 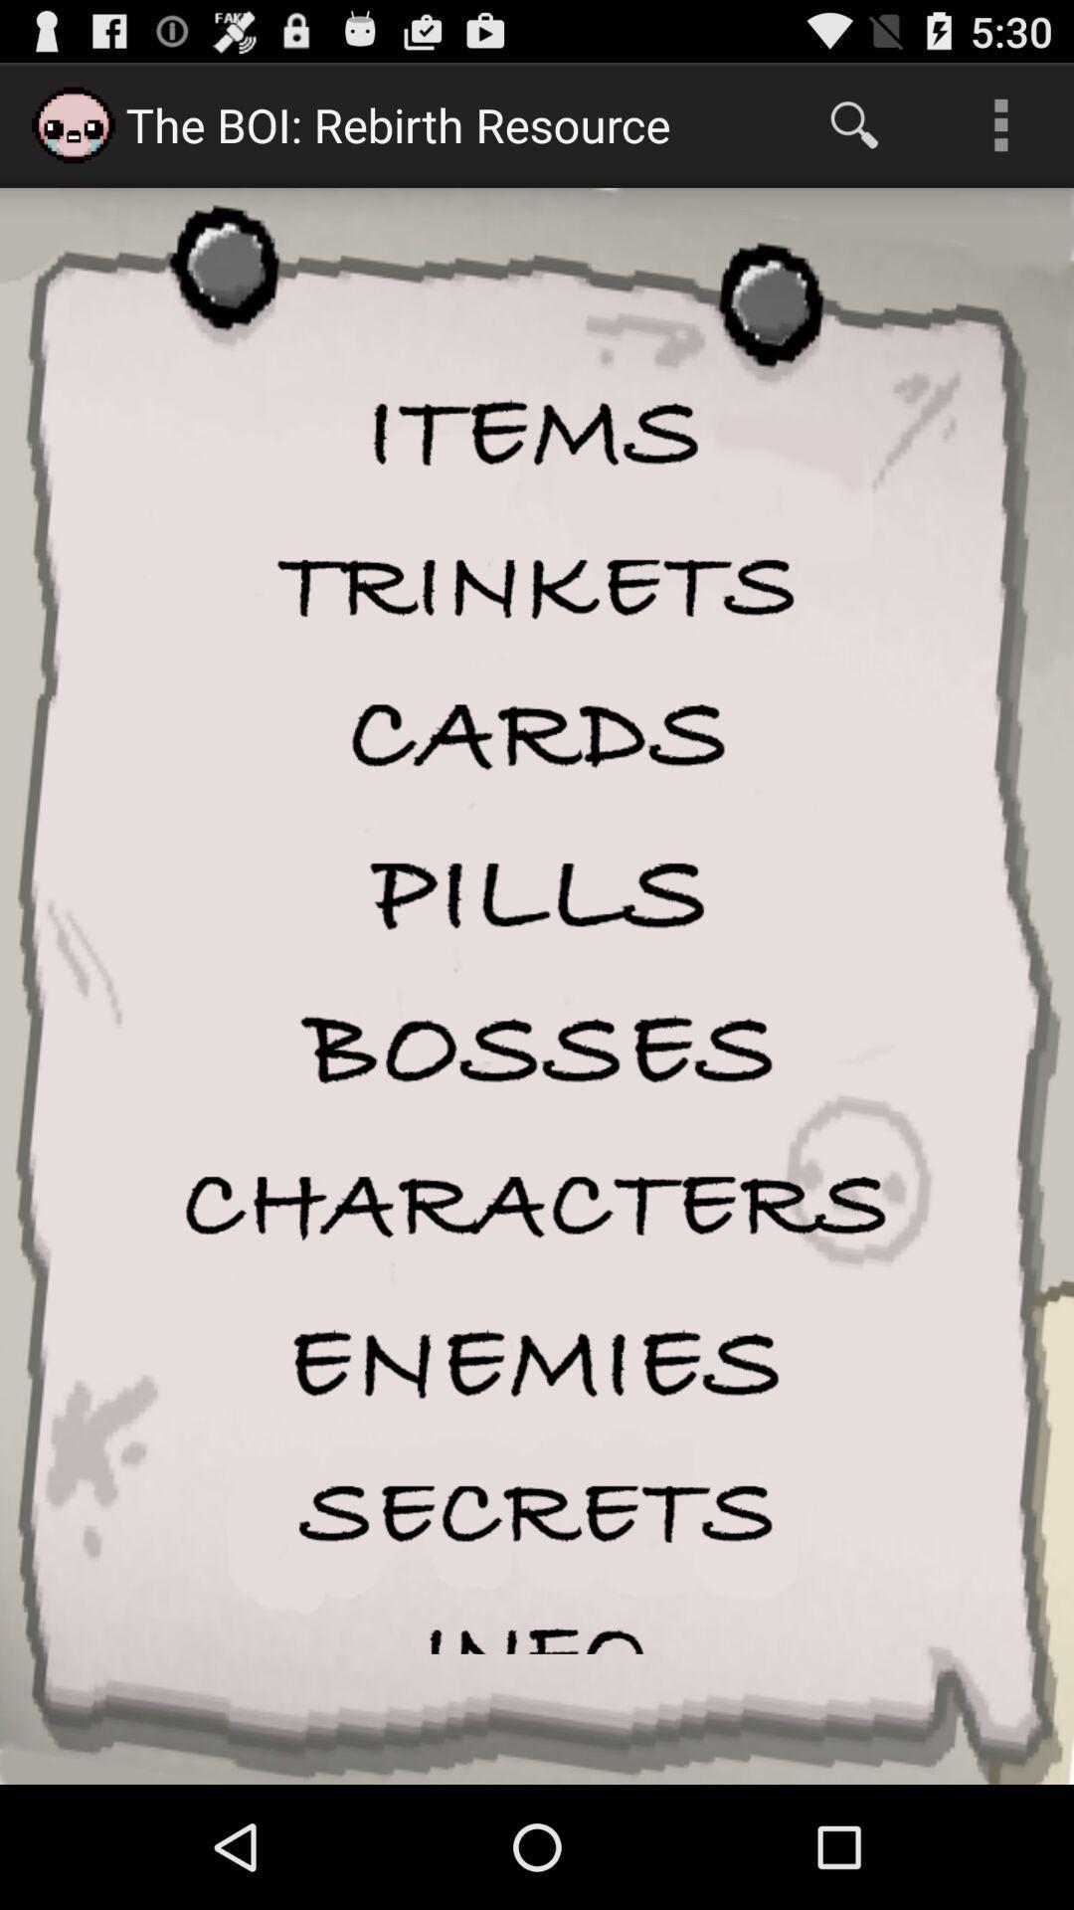 I want to click on the item, so click(x=537, y=585).